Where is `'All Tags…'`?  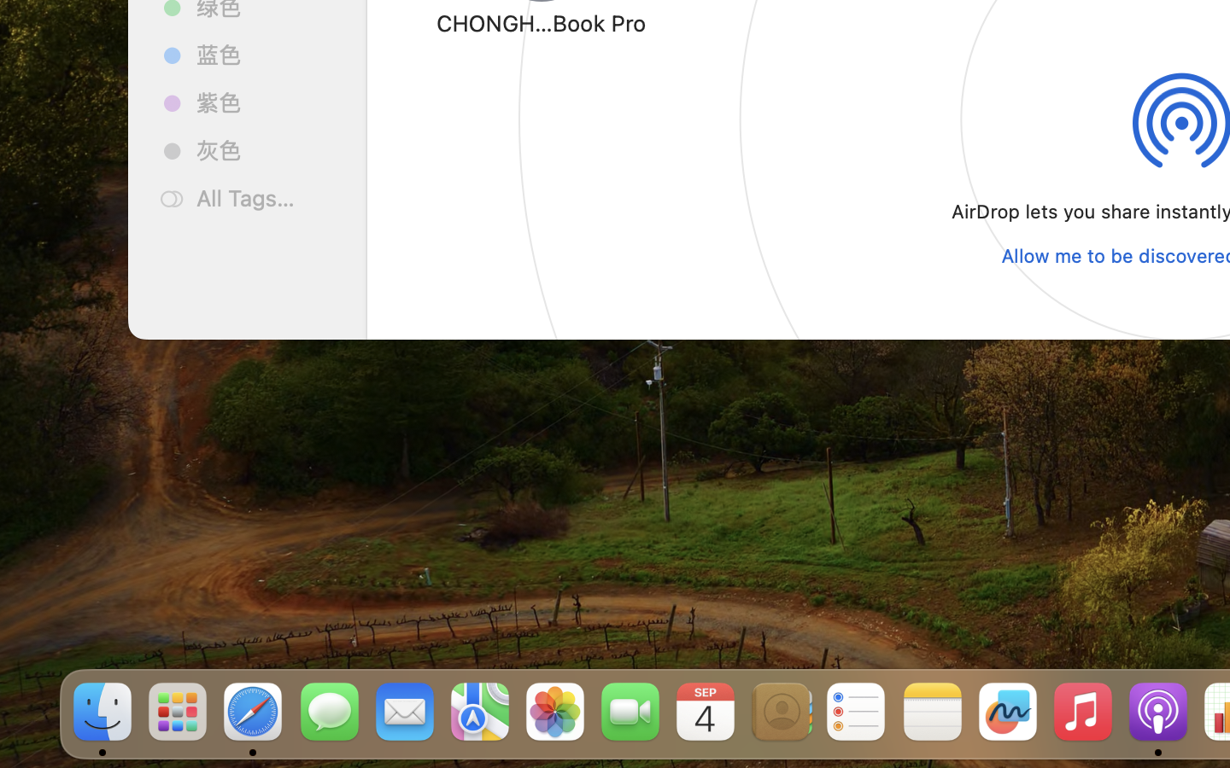
'All Tags…' is located at coordinates (266, 197).